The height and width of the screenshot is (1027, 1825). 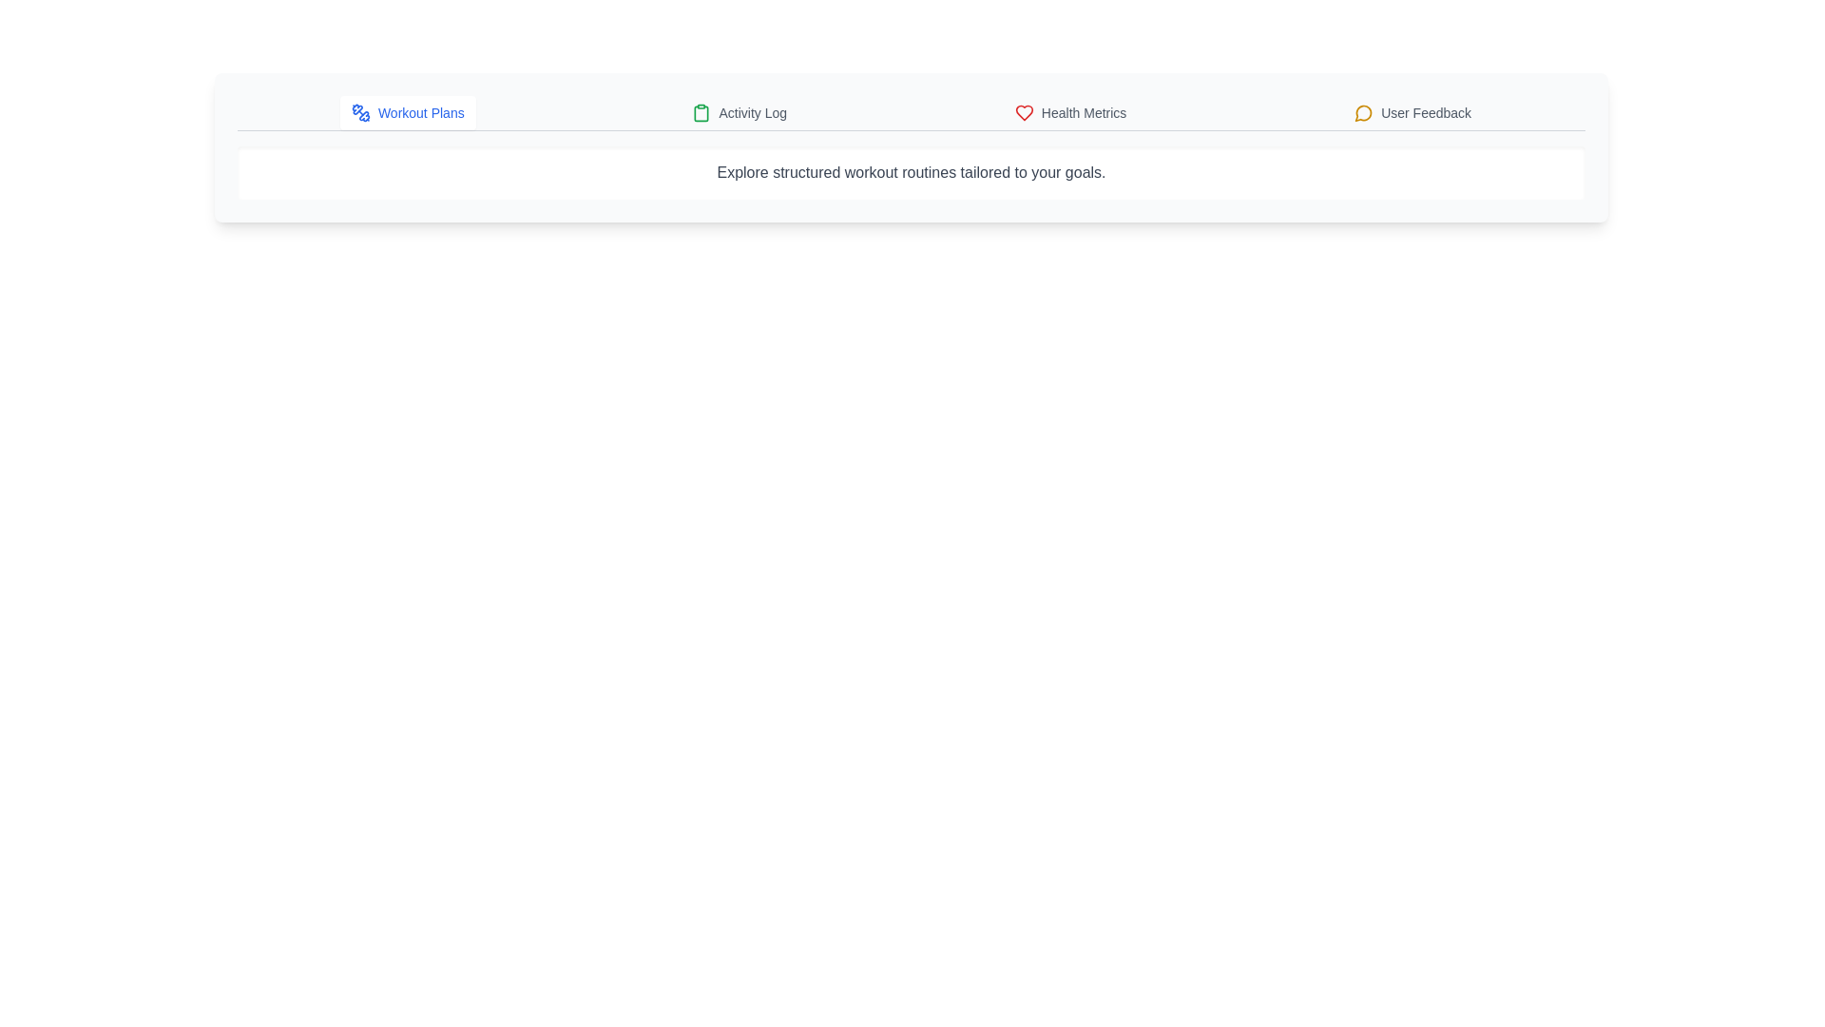 What do you see at coordinates (739, 113) in the screenshot?
I see `the 'Activity Log' button, which is the second tab in the navigation bar` at bounding box center [739, 113].